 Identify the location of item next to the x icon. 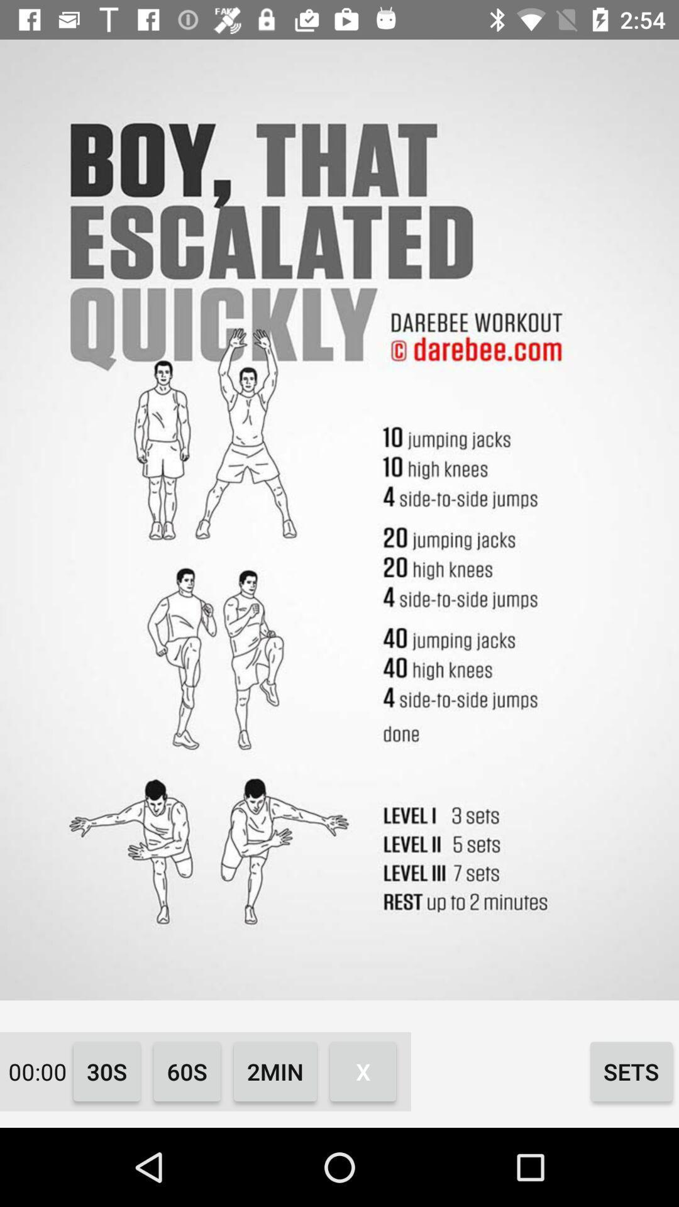
(275, 1071).